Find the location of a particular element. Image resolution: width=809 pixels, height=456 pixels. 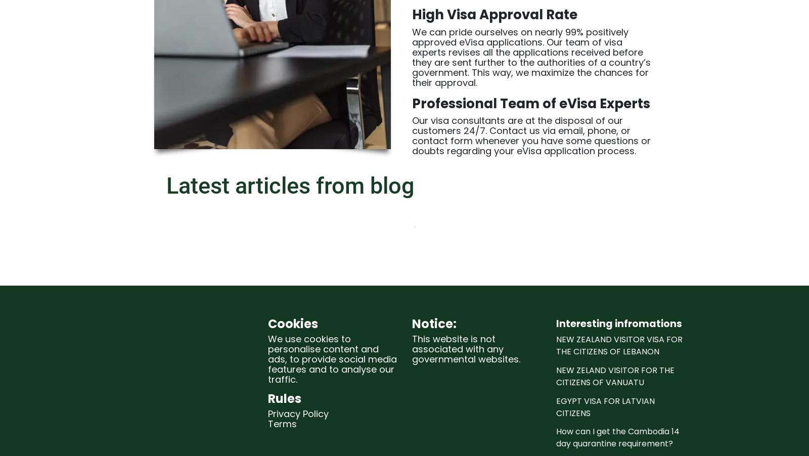

'Privacy Policy' is located at coordinates (298, 413).